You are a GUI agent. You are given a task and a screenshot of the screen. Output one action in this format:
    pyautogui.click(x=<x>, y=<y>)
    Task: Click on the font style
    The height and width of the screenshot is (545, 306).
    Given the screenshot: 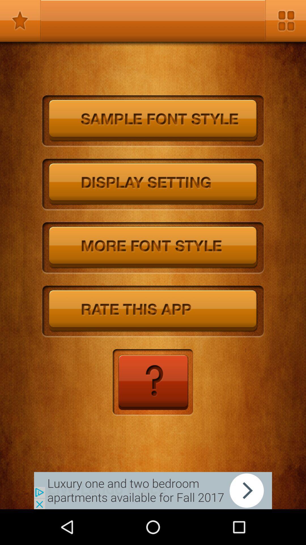 What is the action you would take?
    pyautogui.click(x=153, y=121)
    